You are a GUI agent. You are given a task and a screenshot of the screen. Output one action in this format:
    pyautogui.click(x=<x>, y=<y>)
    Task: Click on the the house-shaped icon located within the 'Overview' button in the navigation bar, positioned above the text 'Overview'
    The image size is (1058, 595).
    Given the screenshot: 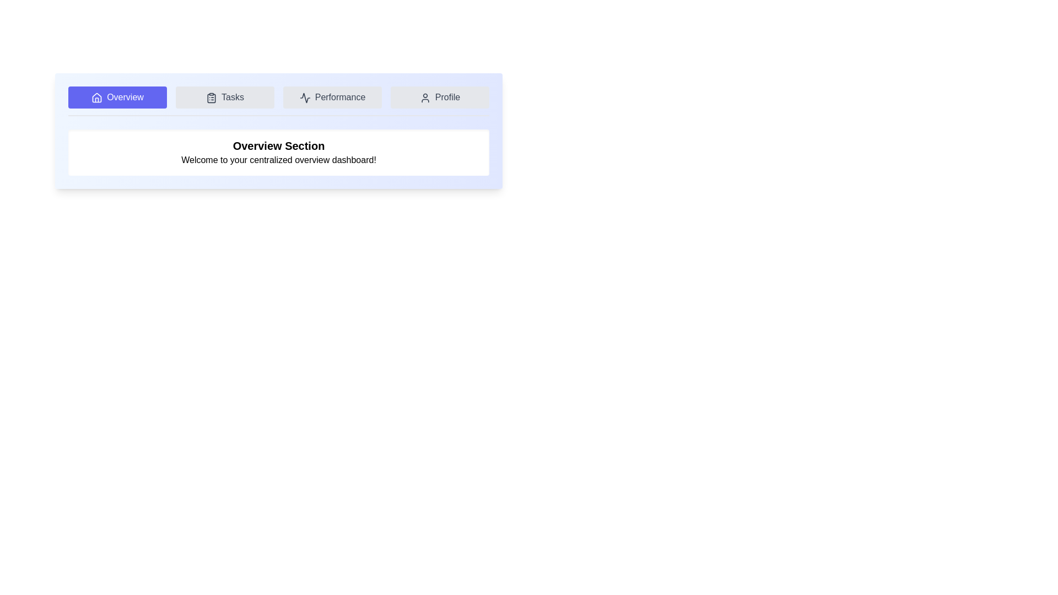 What is the action you would take?
    pyautogui.click(x=97, y=97)
    